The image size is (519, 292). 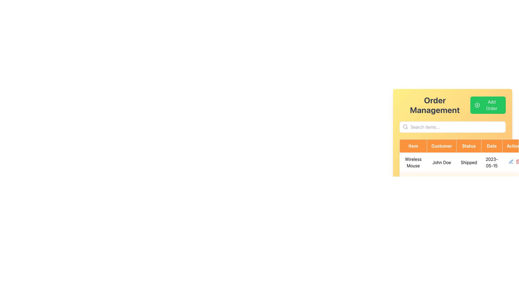 I want to click on the TableHeader labeled 'Customer', which is the second header from the left in a row of column headers within a table component, styled with an orange background and white text, so click(x=453, y=143).